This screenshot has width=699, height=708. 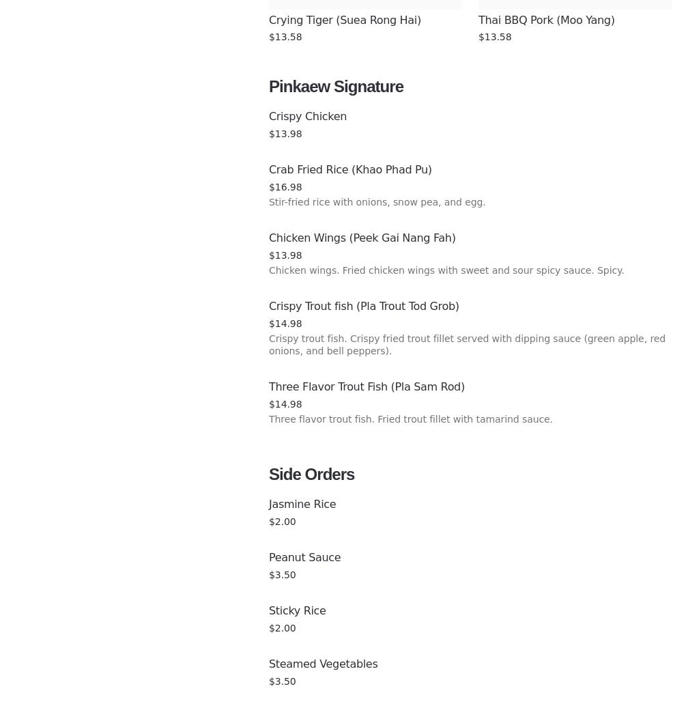 I want to click on 'Stir-fried rice with onions, snow pea, and egg.', so click(x=377, y=201).